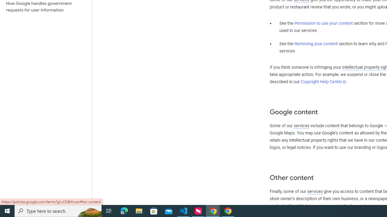  Describe the element at coordinates (323, 82) in the screenshot. I see `'Copyright Help Center'` at that location.